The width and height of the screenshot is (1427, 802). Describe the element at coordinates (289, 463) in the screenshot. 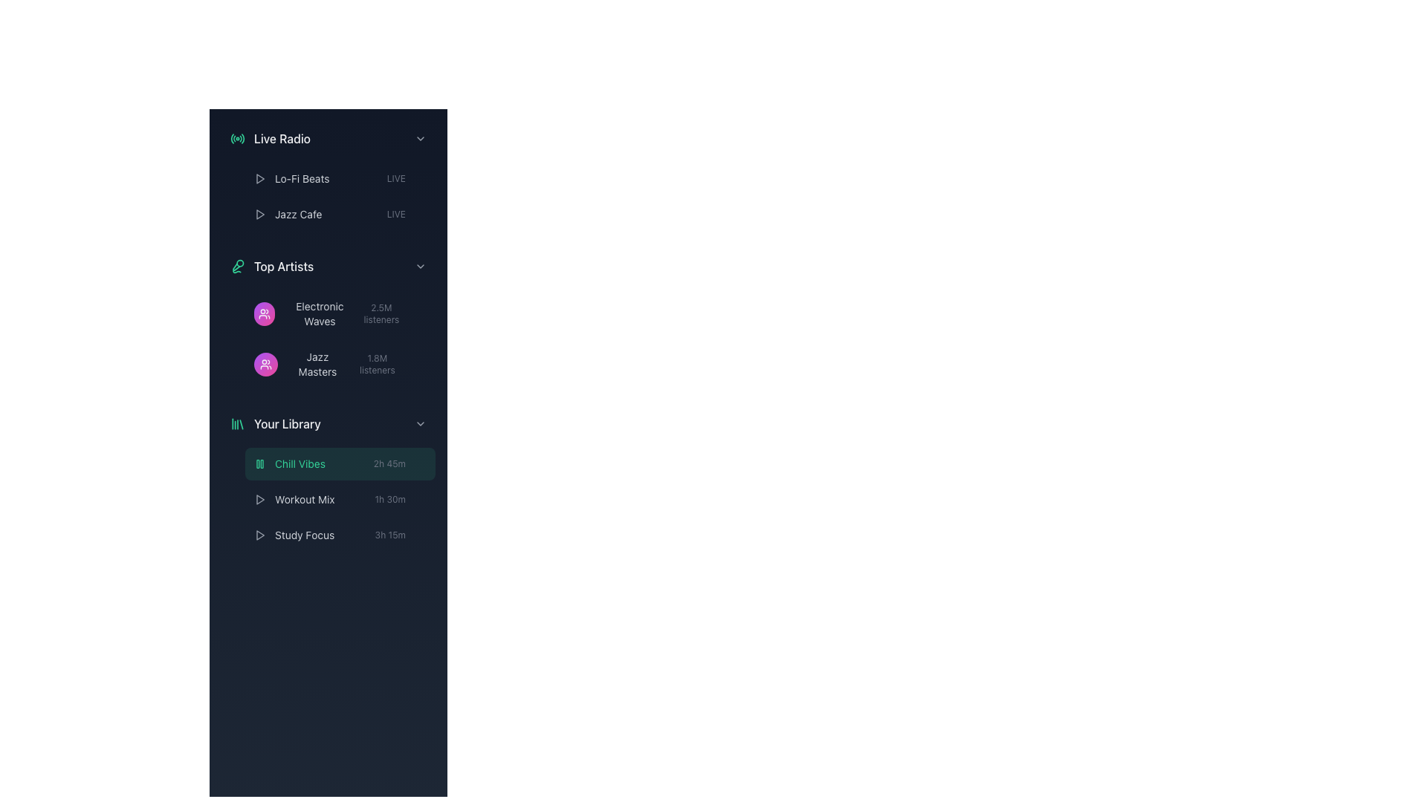

I see `the 'Chill Vibes' text label` at that location.